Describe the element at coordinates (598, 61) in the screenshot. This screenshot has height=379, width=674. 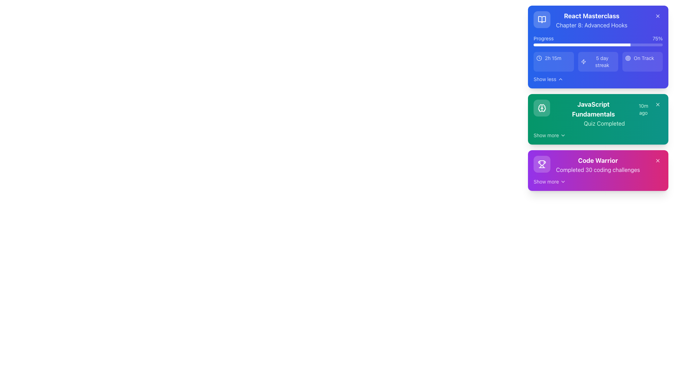
I see `the '5 day streak' label with a lightning icon located at the upper right corner of the 'React Masterclass' card` at that location.